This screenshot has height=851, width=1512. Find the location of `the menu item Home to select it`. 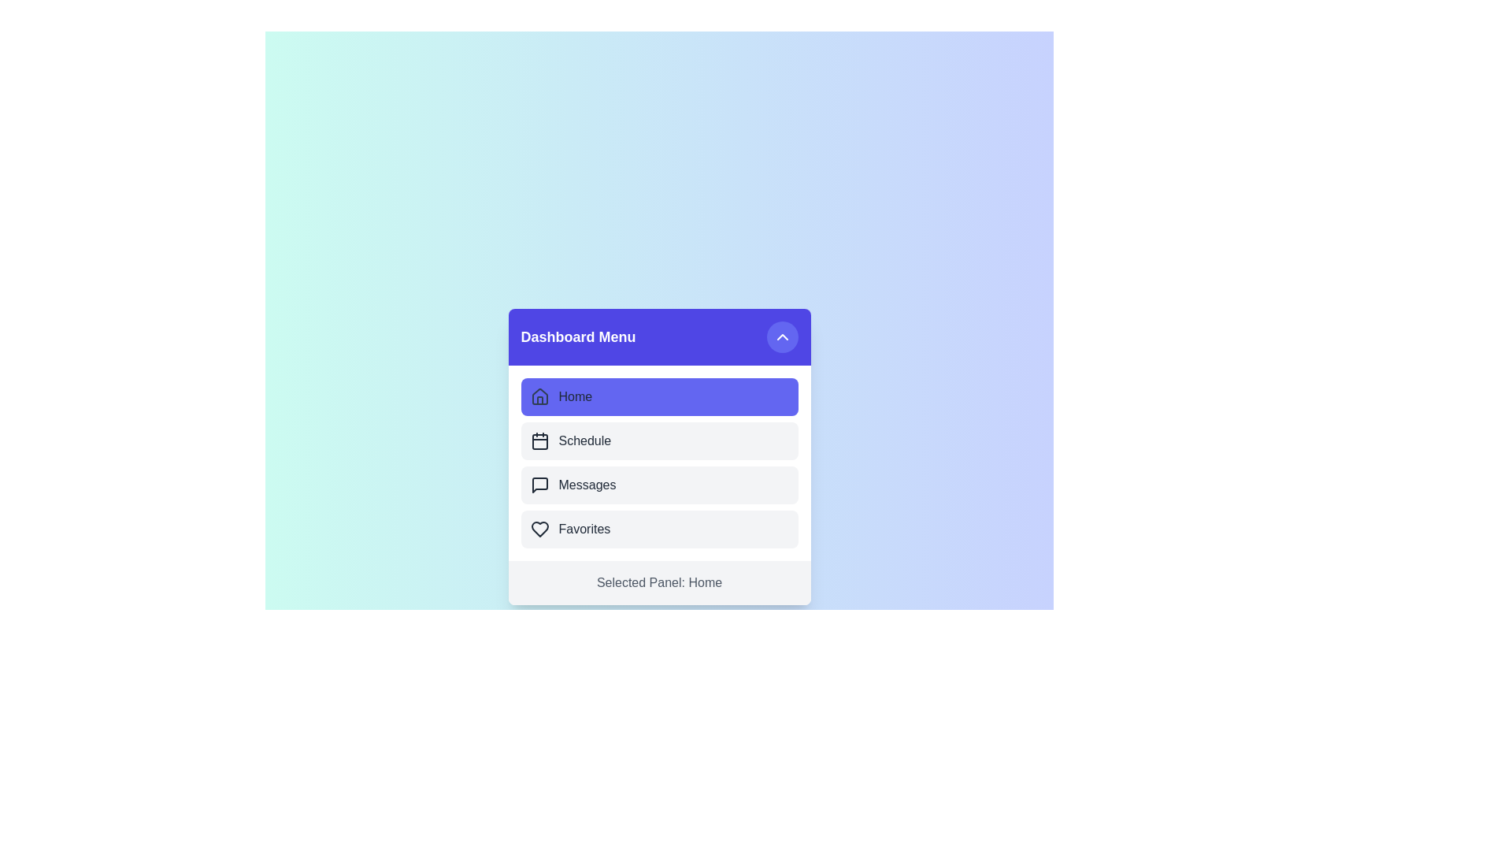

the menu item Home to select it is located at coordinates (659, 396).